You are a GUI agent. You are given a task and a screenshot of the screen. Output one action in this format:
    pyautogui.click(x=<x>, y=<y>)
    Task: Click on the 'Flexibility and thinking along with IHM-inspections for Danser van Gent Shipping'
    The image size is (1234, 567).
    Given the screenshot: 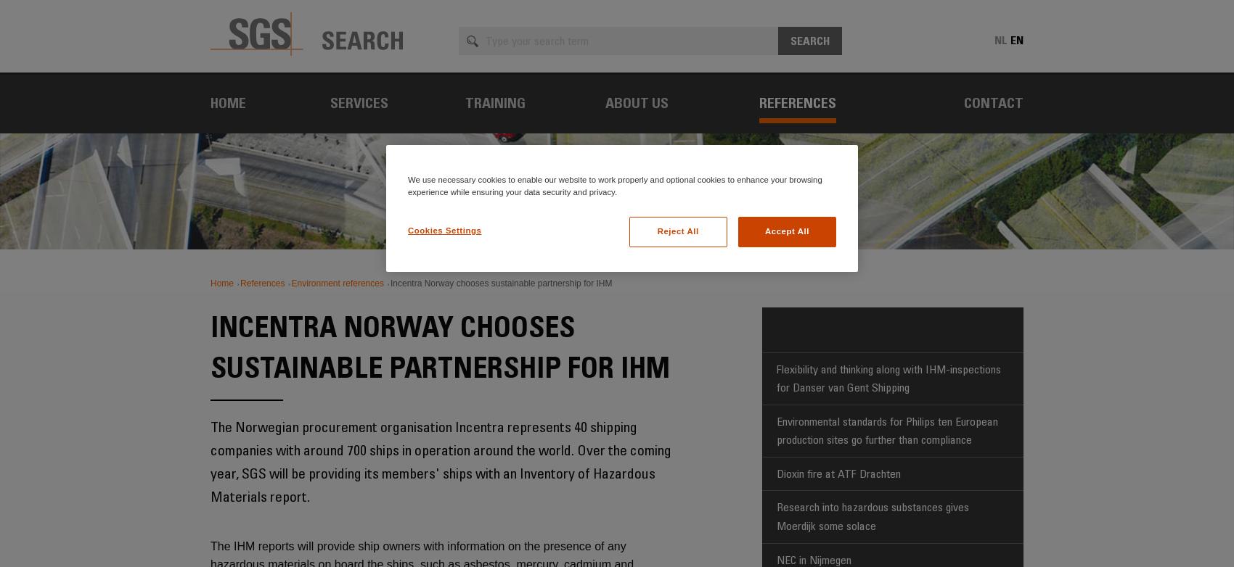 What is the action you would take?
    pyautogui.click(x=888, y=378)
    